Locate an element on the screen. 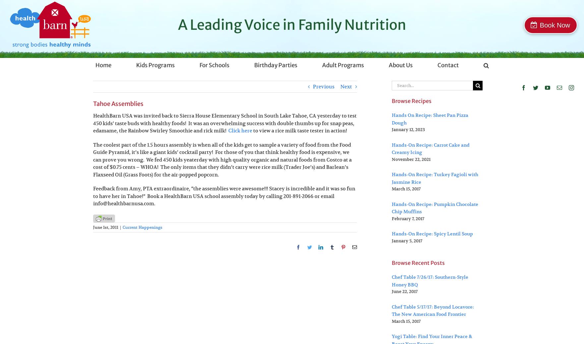 This screenshot has height=344, width=584. '.' is located at coordinates (154, 203).